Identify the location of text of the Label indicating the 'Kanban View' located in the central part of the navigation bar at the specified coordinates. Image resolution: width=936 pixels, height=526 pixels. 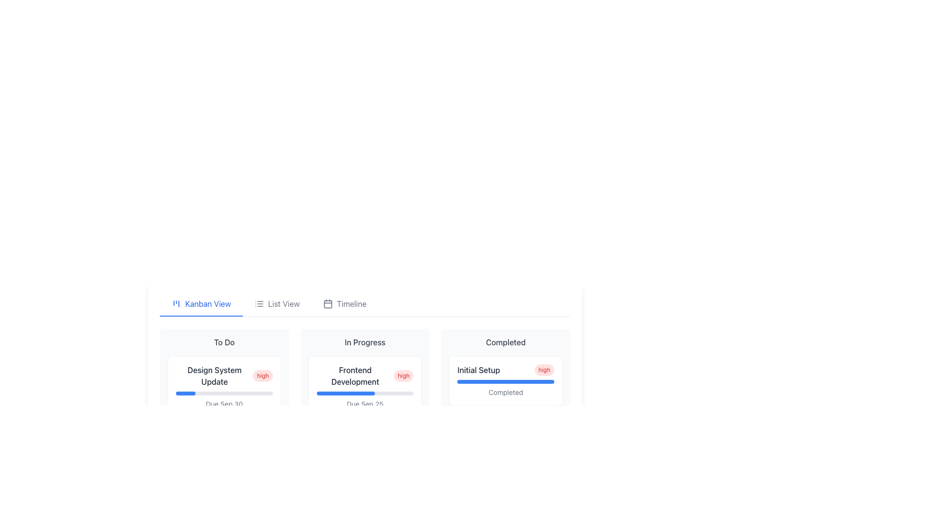
(208, 303).